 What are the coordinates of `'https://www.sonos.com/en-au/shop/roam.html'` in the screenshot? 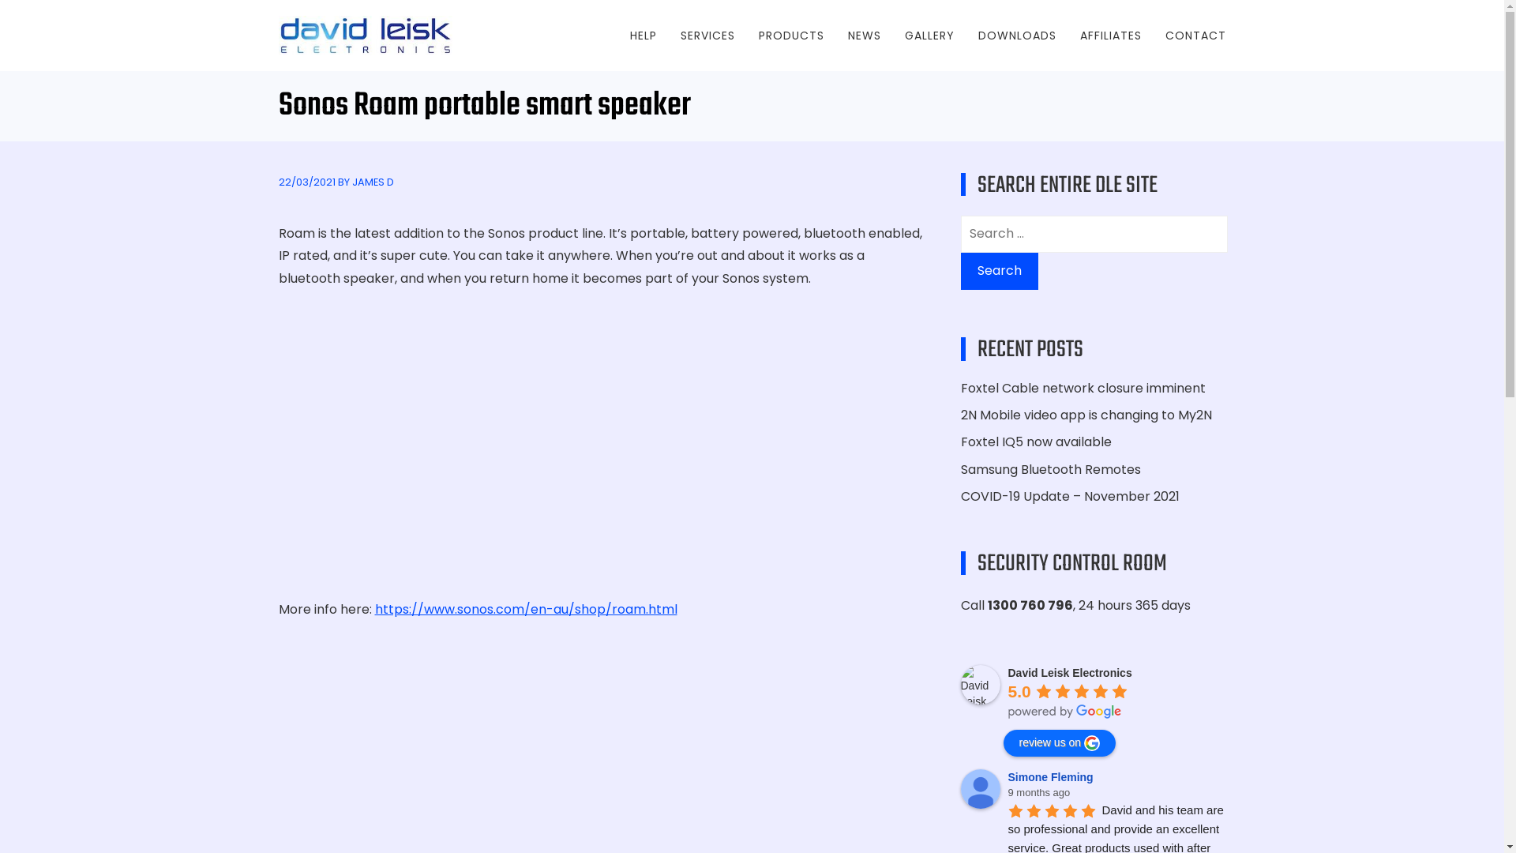 It's located at (525, 608).